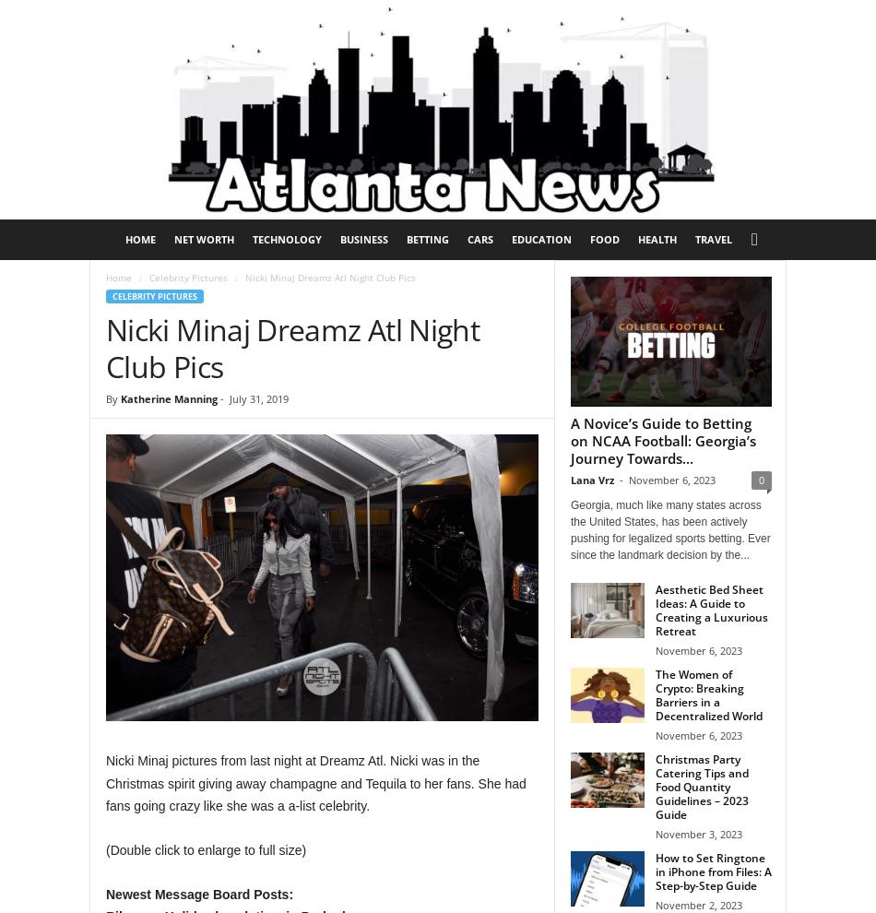 The image size is (876, 913). What do you see at coordinates (247, 759) in the screenshot?
I see `'Nicki Minaj pictures from last night at Dreamz Atl.'` at bounding box center [247, 759].